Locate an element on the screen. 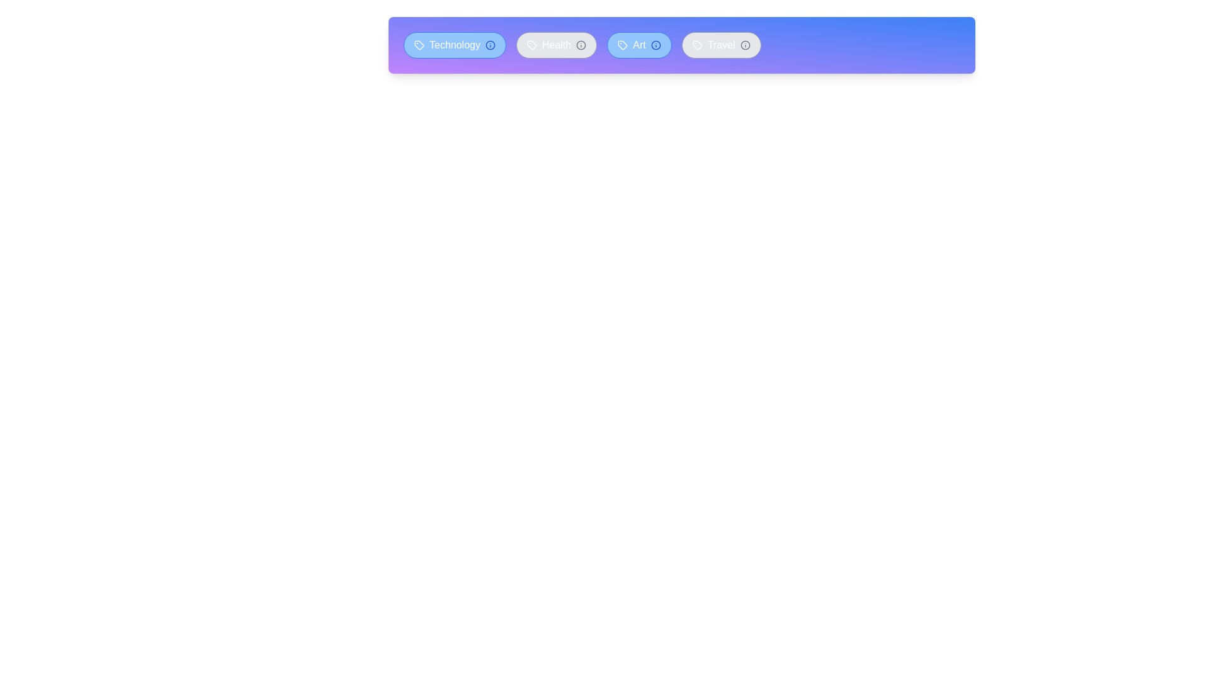 The height and width of the screenshot is (680, 1209). the icon within the tag labeled 'Technology' is located at coordinates (419, 45).